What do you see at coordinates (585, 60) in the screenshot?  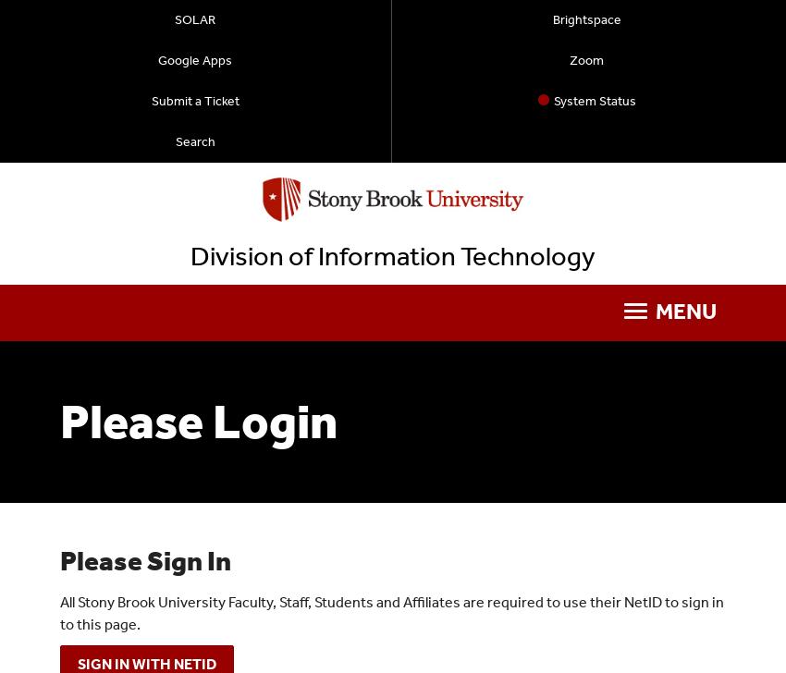 I see `'Zoom'` at bounding box center [585, 60].